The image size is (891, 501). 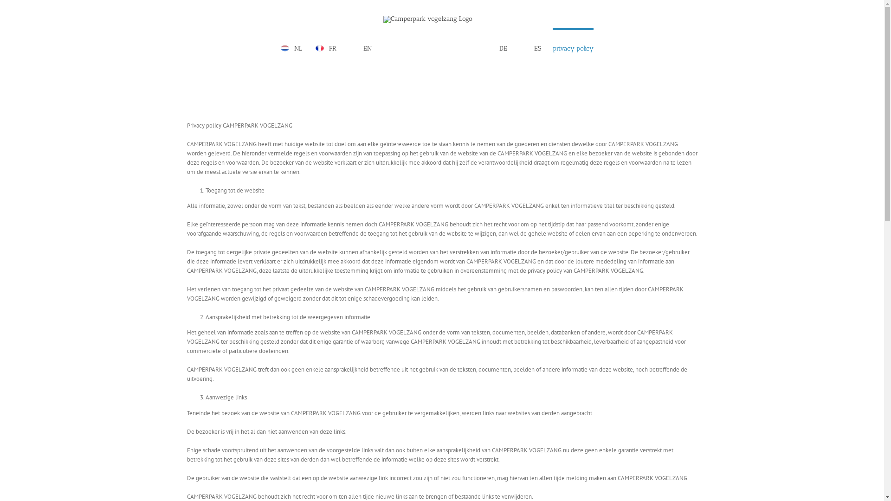 I want to click on 'france_640', so click(x=320, y=48).